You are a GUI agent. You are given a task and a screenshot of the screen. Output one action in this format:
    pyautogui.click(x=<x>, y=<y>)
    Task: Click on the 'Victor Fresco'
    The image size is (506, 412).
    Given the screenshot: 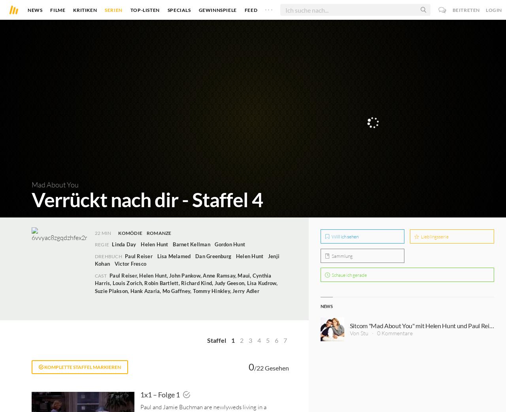 What is the action you would take?
    pyautogui.click(x=130, y=263)
    